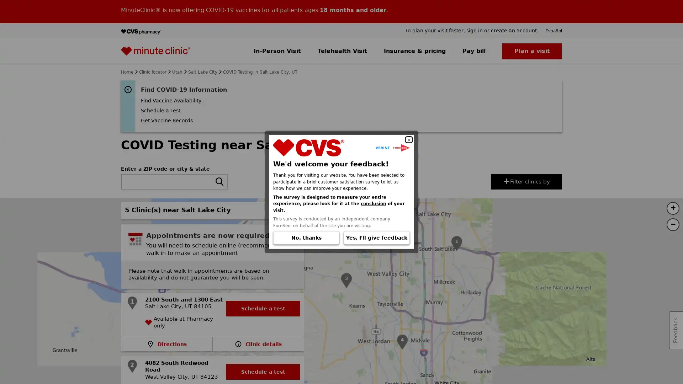  Describe the element at coordinates (376, 238) in the screenshot. I see `Yes, I'll give feedback (Opens in a new window)` at that location.